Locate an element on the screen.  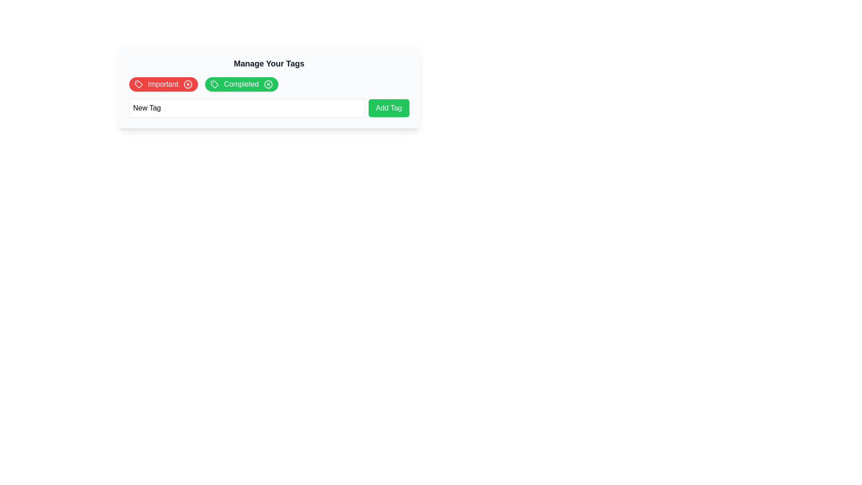
the close button of the tag named Completed to remove it is located at coordinates (268, 84).